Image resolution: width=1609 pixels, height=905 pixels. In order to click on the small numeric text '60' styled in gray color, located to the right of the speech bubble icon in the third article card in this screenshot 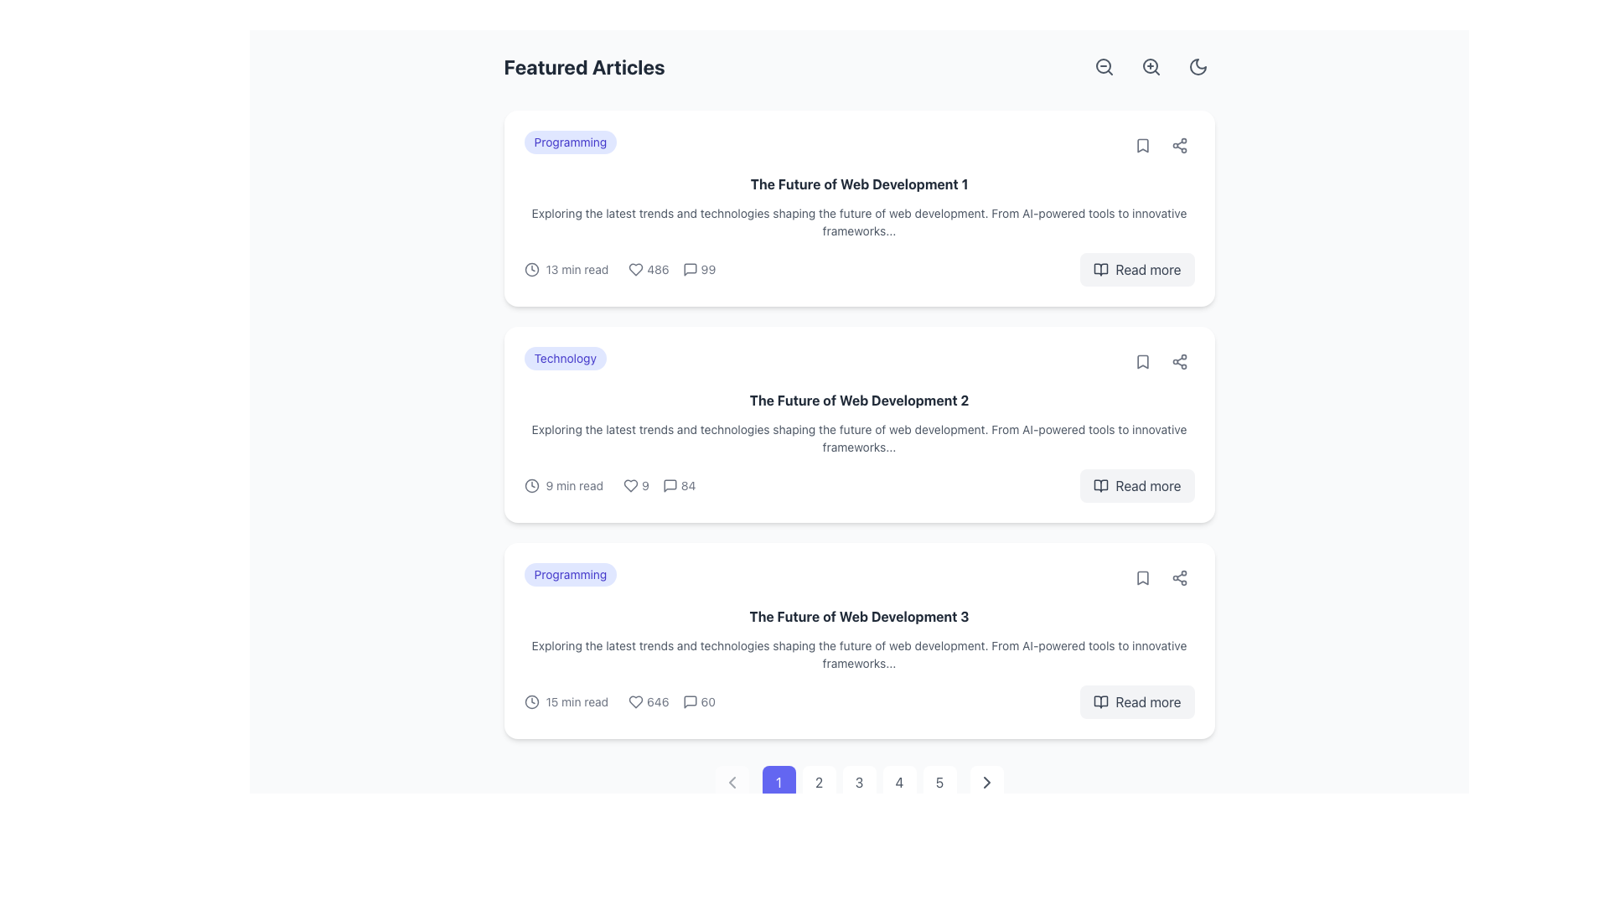, I will do `click(708, 701)`.